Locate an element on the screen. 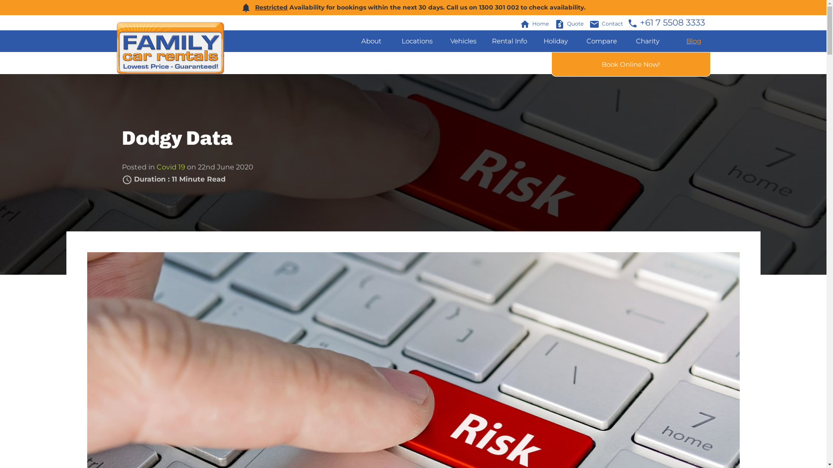 The image size is (833, 468). 'Covid 19' is located at coordinates (171, 167).